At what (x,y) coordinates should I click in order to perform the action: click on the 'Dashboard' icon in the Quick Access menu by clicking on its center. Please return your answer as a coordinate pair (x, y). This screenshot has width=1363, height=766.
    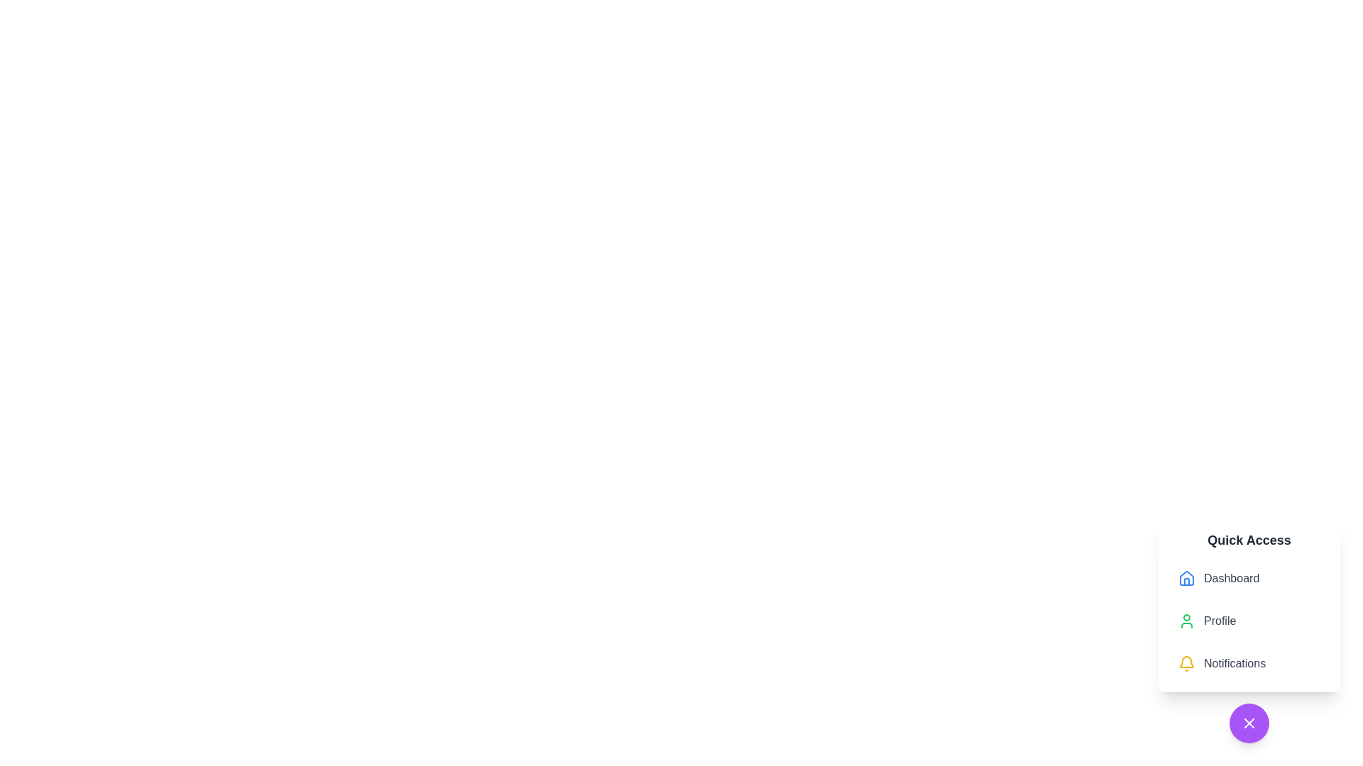
    Looking at the image, I should click on (1186, 579).